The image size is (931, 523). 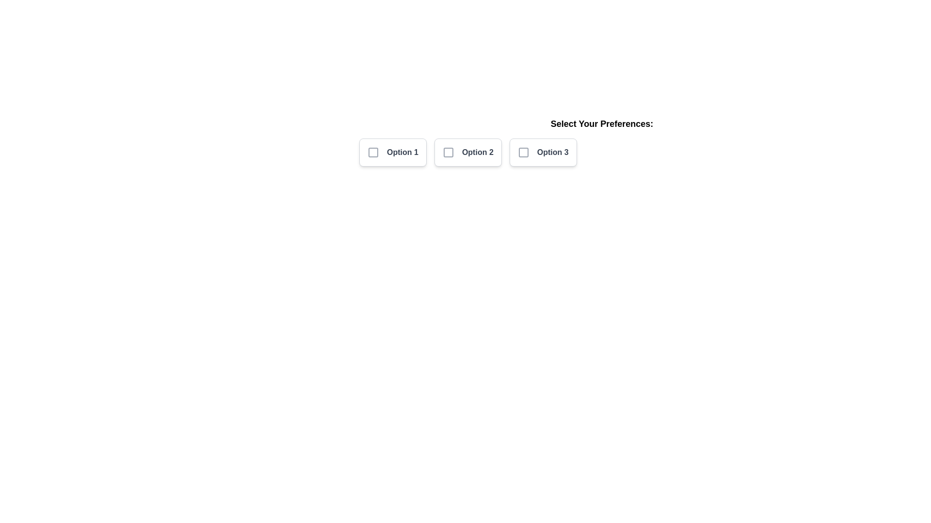 I want to click on the hollow, gray-outlined checkbox located to the left of the text 'Option 2' under the heading 'Select Your Preferences:', so click(x=448, y=153).